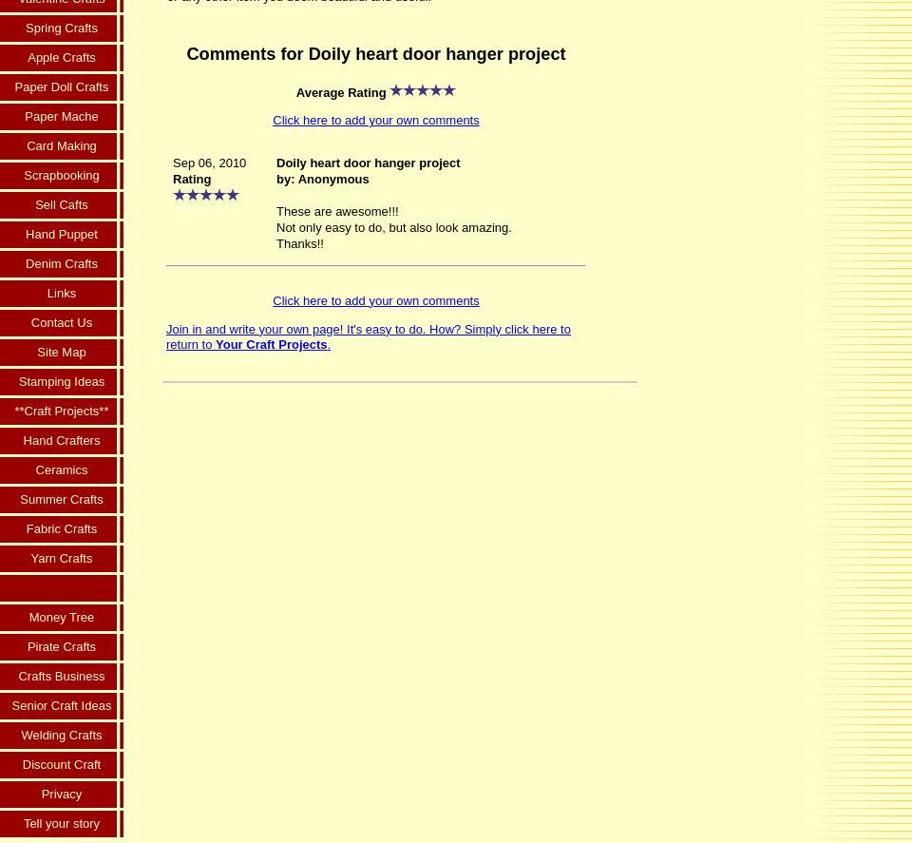  I want to click on 'Welding Crafts', so click(61, 734).